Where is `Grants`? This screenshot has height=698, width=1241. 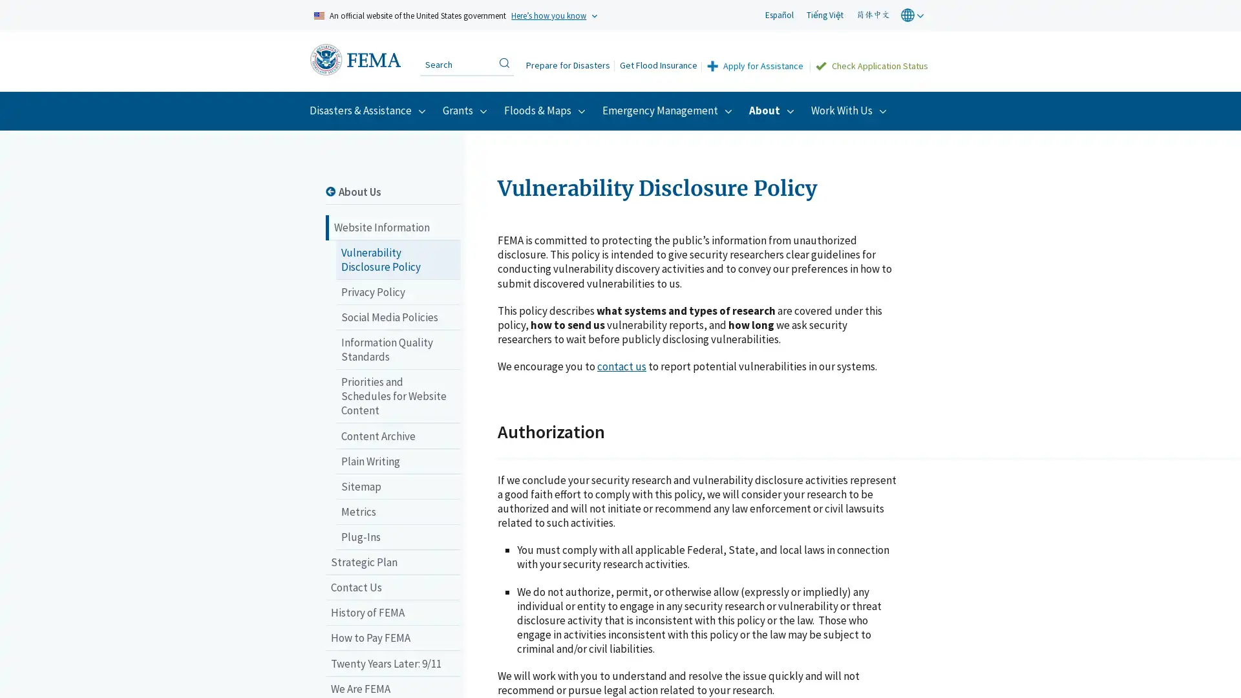 Grants is located at coordinates (466, 109).